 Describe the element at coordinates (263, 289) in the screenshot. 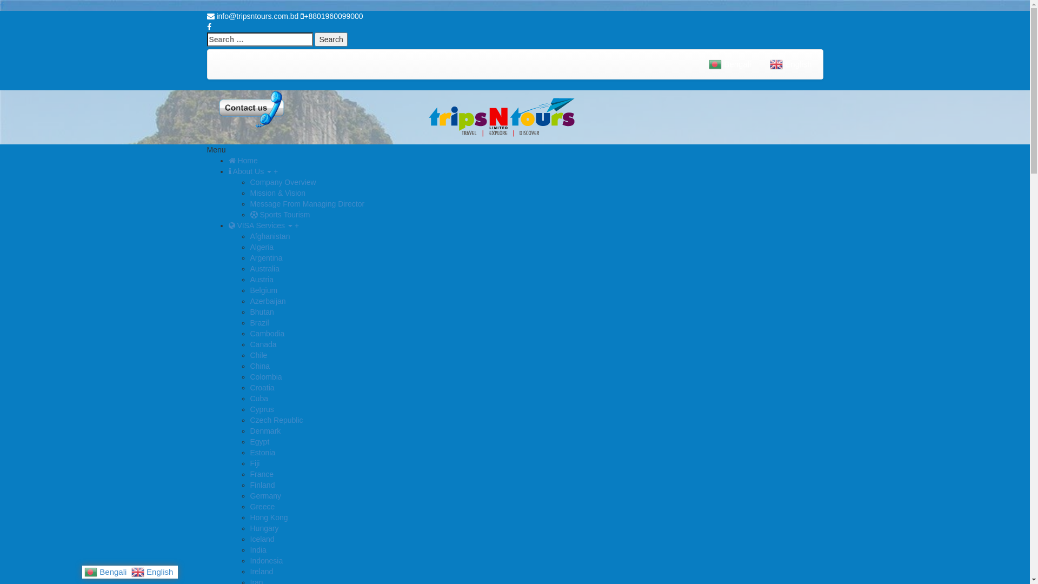

I see `'Belgium'` at that location.